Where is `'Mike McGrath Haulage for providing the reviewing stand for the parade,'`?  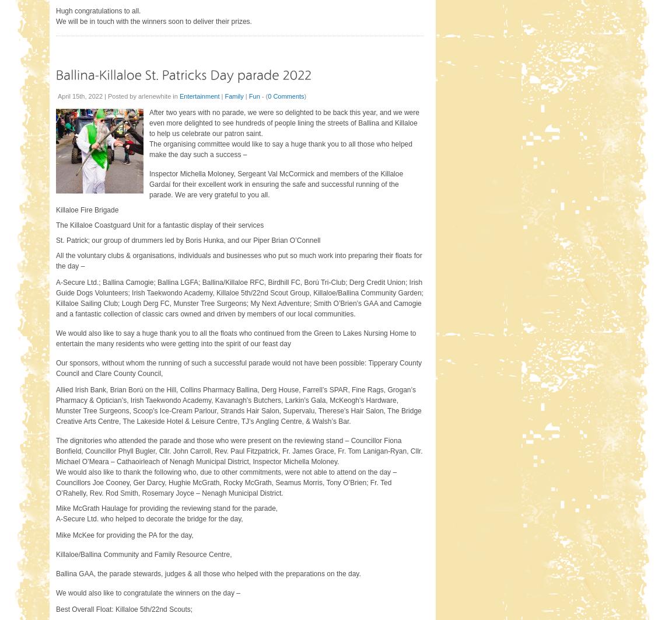
'Mike McGrath Haulage for providing the reviewing stand for the parade,' is located at coordinates (167, 507).